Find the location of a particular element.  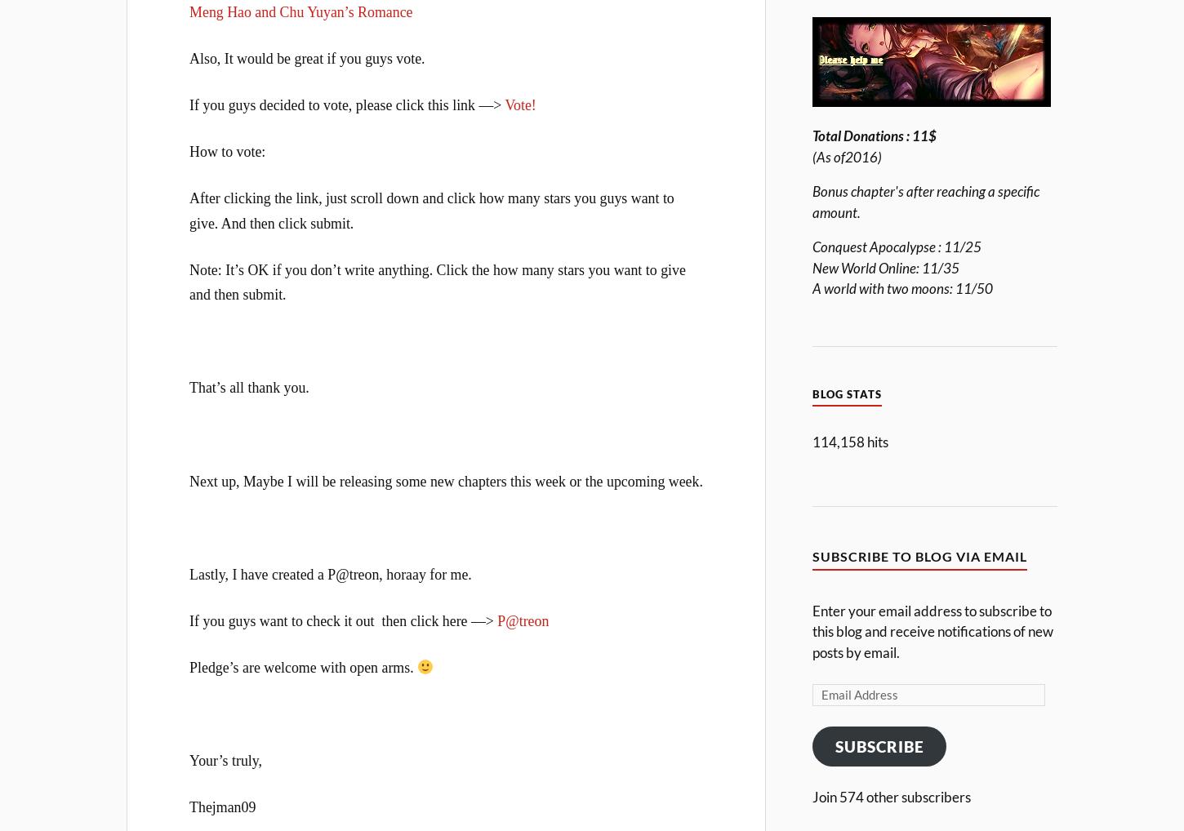

'Next up, Maybe I will be releasing some new chapters this week or the upcoming week.' is located at coordinates (189, 481).